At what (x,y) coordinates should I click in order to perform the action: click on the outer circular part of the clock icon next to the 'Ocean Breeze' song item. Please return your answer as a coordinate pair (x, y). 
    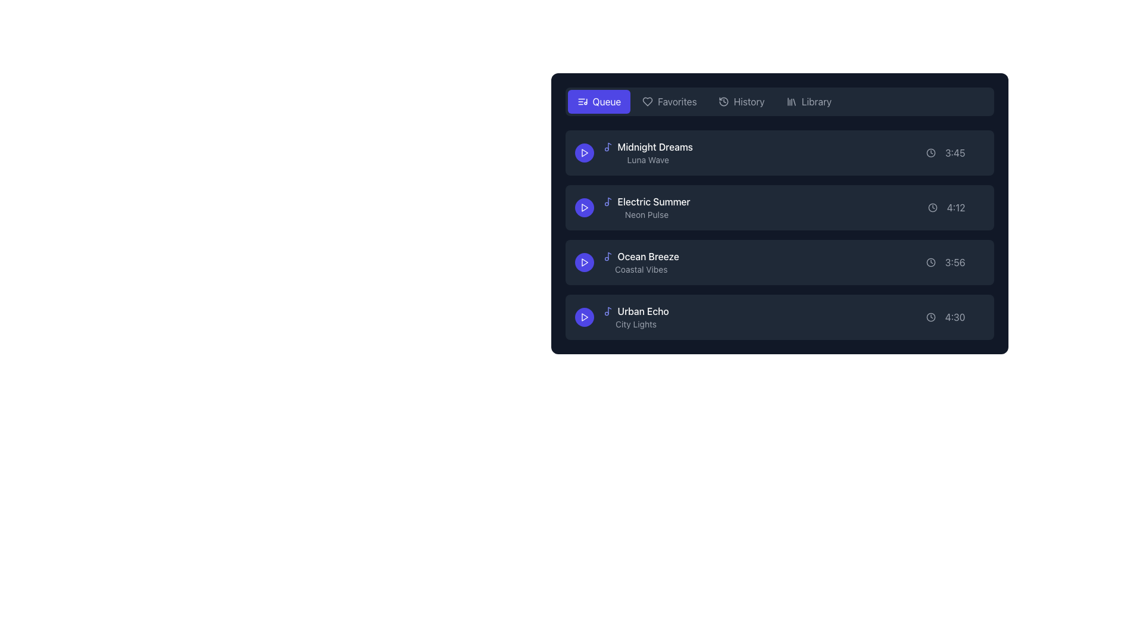
    Looking at the image, I should click on (930, 261).